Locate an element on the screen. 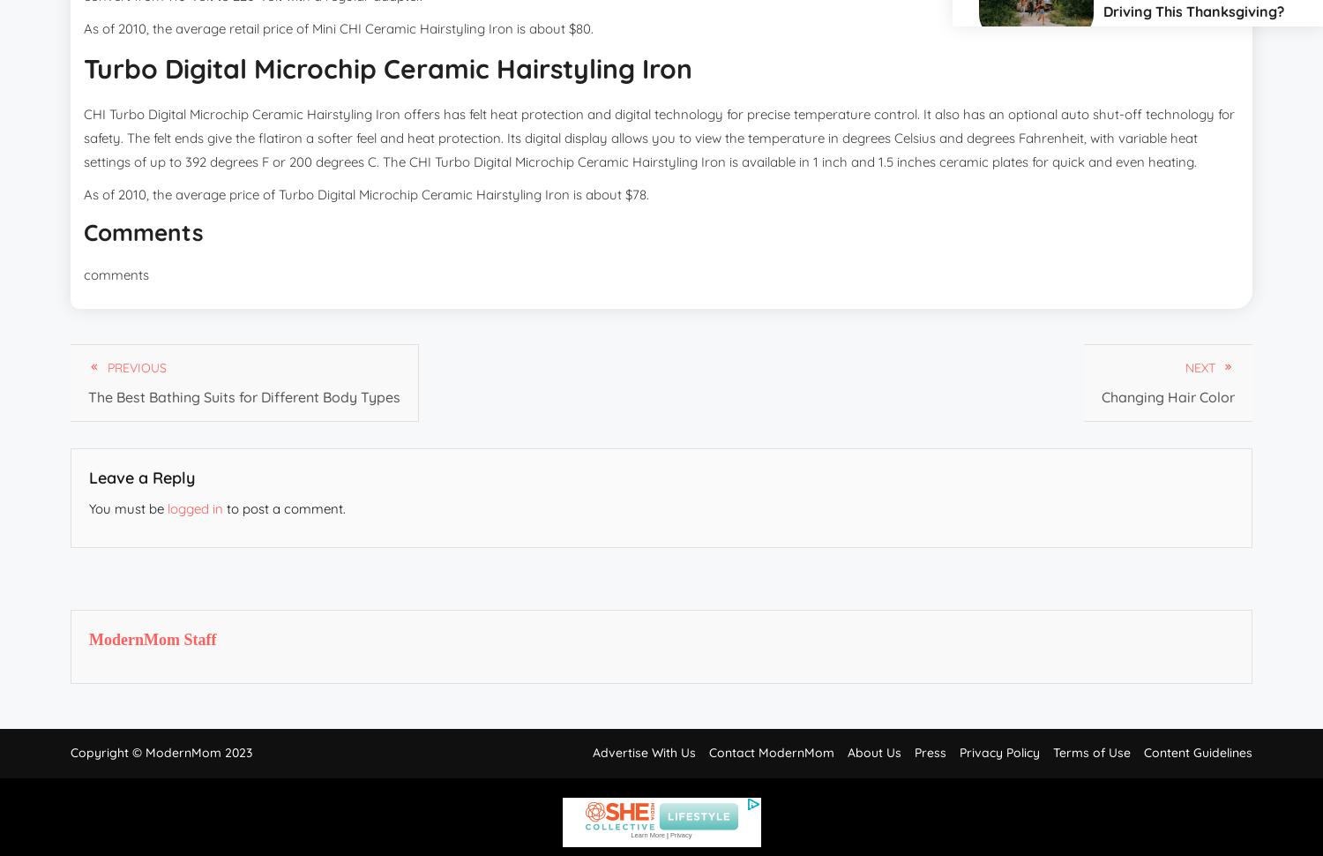 Image resolution: width=1323 pixels, height=856 pixels. 'Money' is located at coordinates (1198, 112).